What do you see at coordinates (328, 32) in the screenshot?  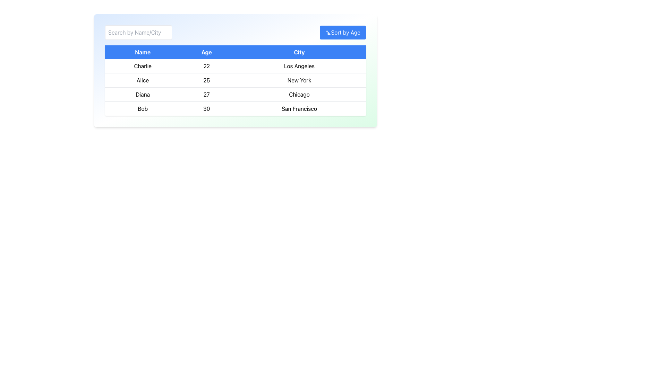 I see `the upward-pointing arrow icon that is located to the left of the text 'Sort by Age' within the button labeled 'Sort by Age' in the top-right corner of the interface` at bounding box center [328, 32].